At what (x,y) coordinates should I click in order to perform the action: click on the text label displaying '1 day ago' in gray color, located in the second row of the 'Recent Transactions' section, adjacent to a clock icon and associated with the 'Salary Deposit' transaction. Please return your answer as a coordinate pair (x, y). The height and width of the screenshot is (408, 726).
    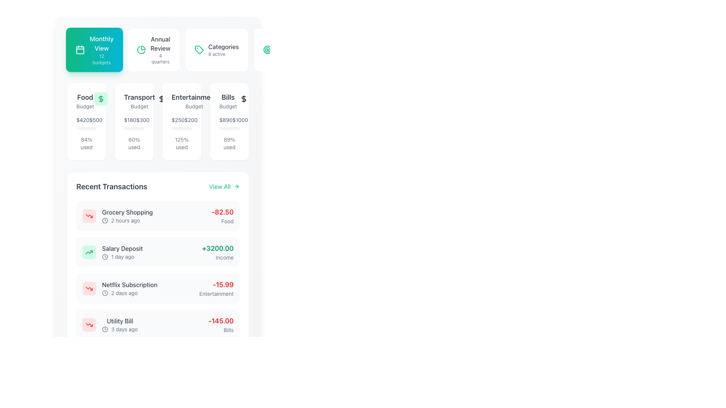
    Looking at the image, I should click on (123, 256).